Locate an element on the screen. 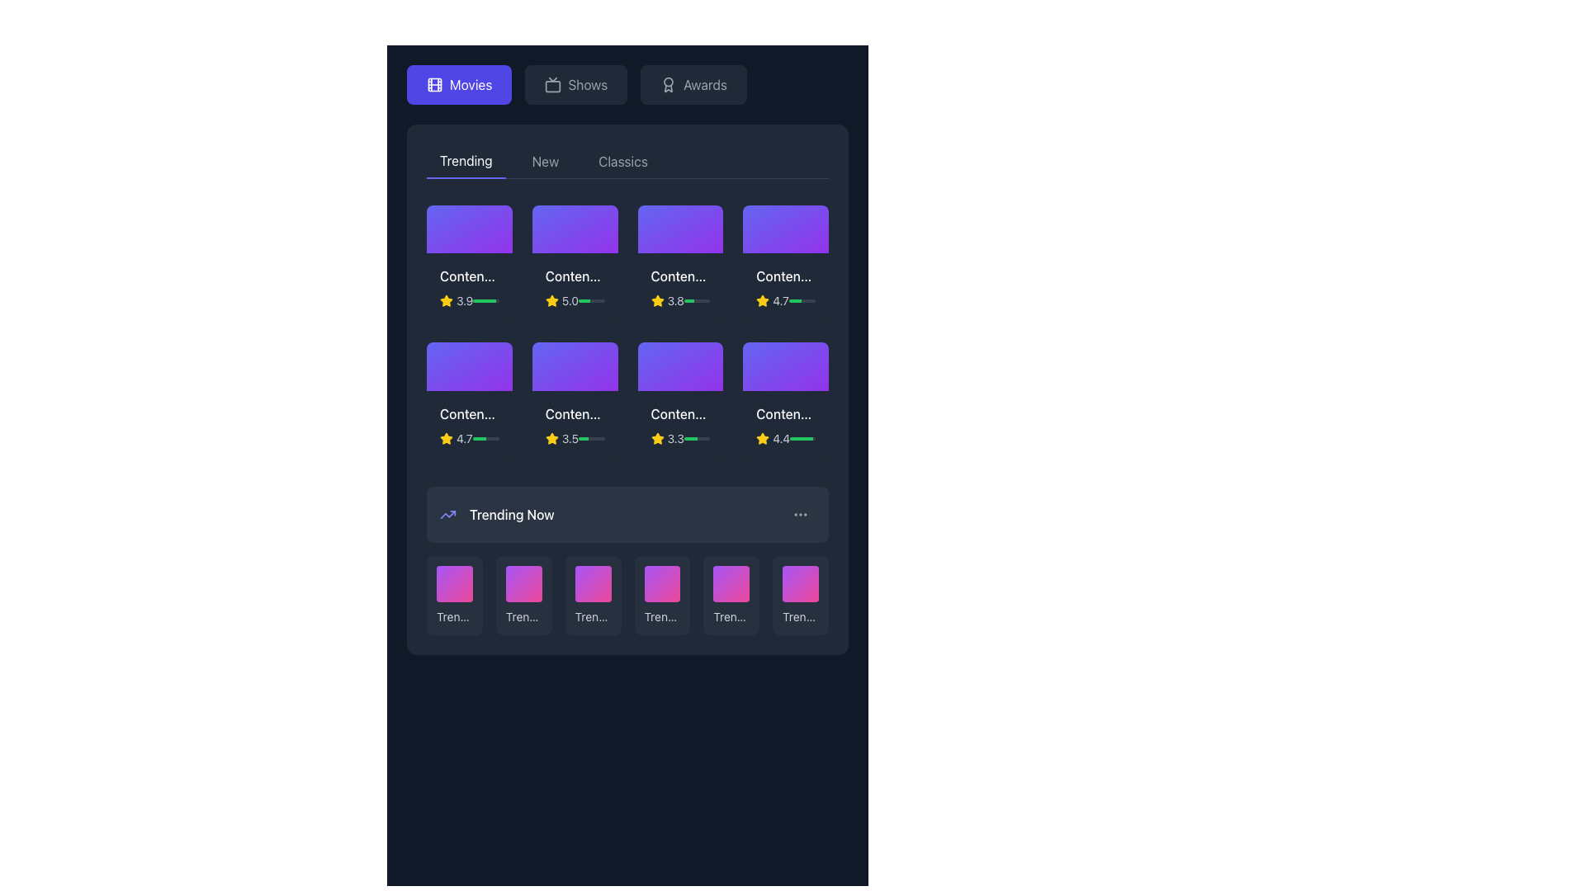 The height and width of the screenshot is (891, 1585). the Rating Indicator which displays a yellow star icon and the numeric string '4.4' in gray font, visually indicating a rating is located at coordinates (772, 437).